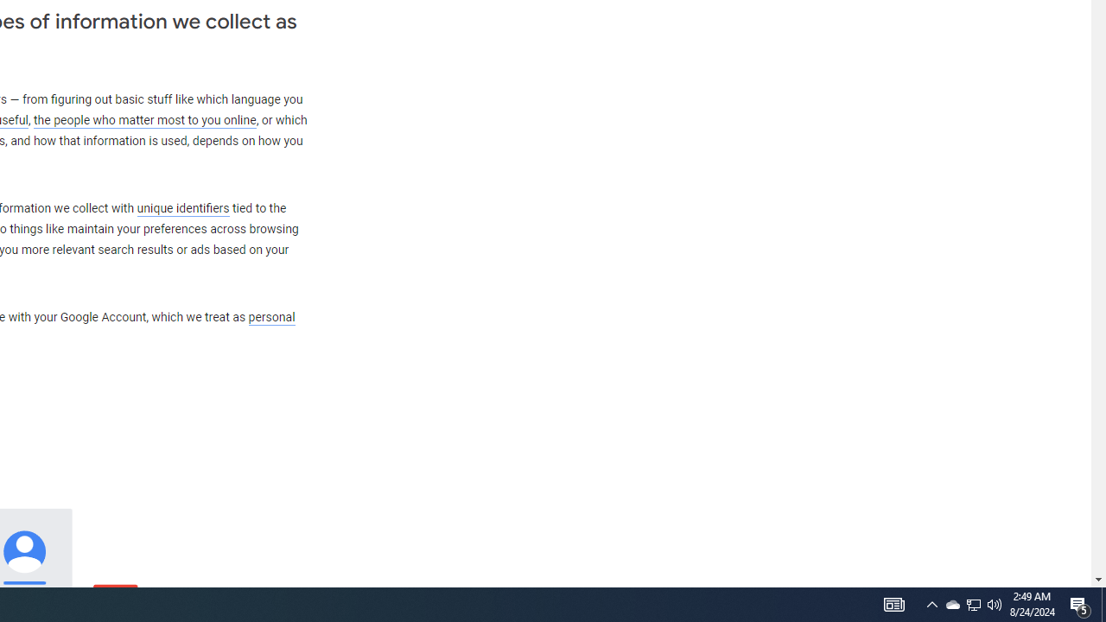 This screenshot has height=622, width=1106. I want to click on 'the people who matter most to you online', so click(144, 119).